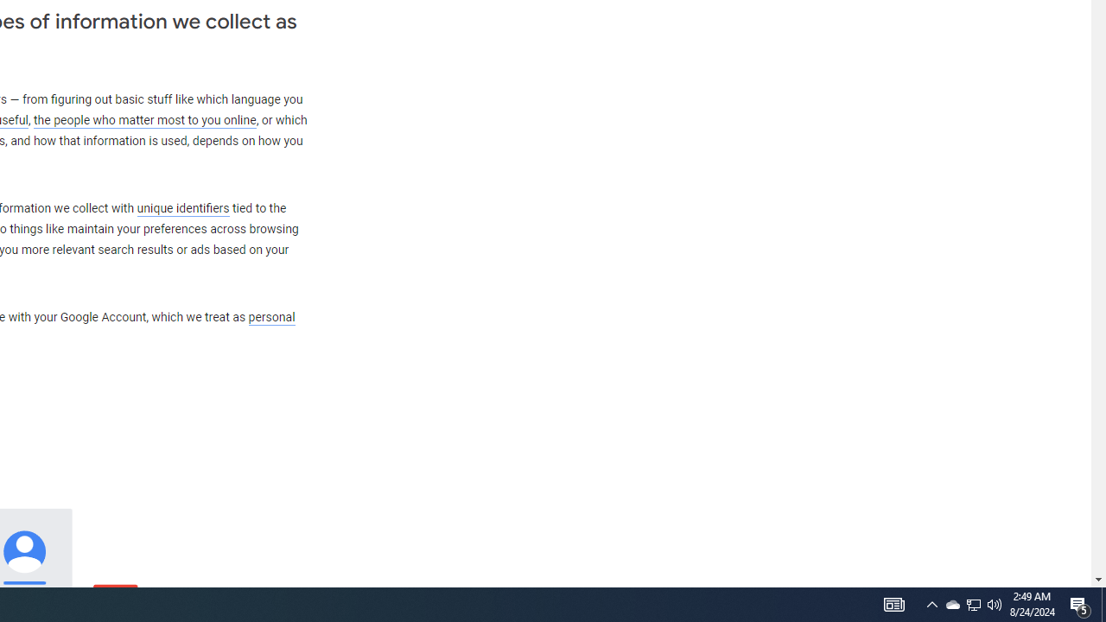 This screenshot has height=622, width=1106. I want to click on 'the people who matter most to you online', so click(144, 119).